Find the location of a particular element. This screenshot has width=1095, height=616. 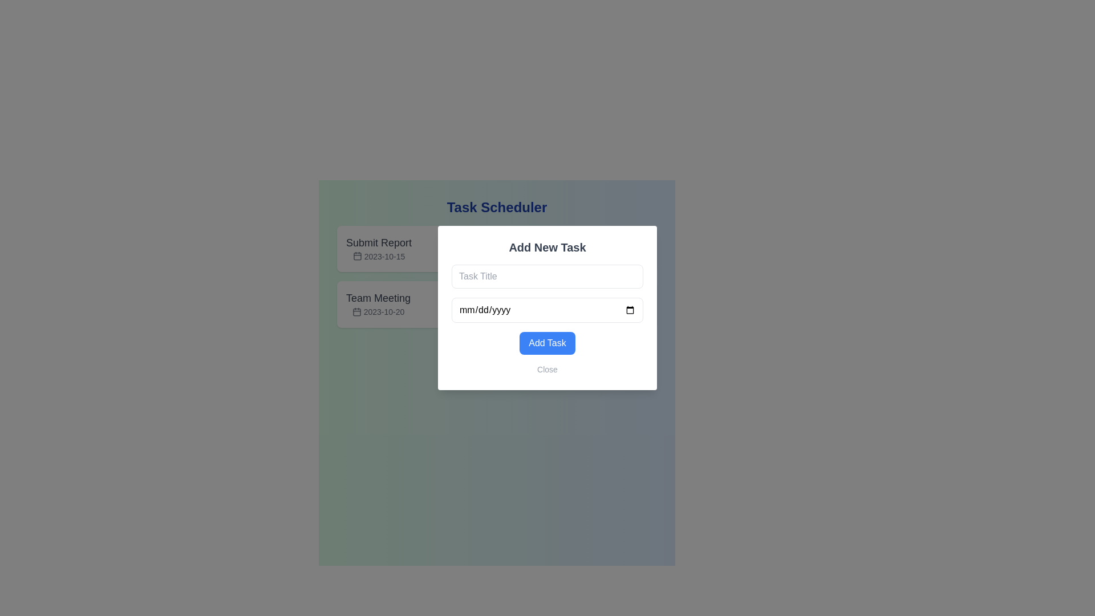

the 'Close' button at the bottom of the modal dialog box is located at coordinates (547, 370).